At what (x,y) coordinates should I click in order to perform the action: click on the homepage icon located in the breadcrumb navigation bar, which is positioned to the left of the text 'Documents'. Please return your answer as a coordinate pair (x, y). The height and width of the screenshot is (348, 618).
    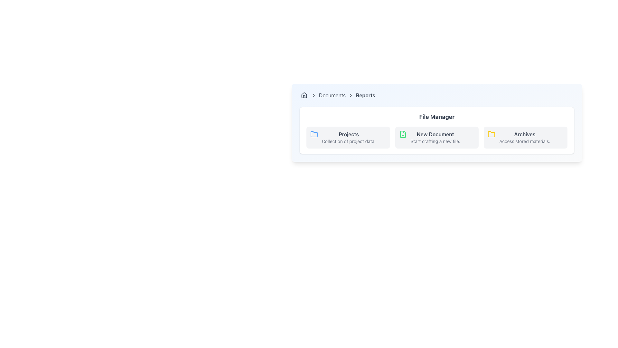
    Looking at the image, I should click on (304, 95).